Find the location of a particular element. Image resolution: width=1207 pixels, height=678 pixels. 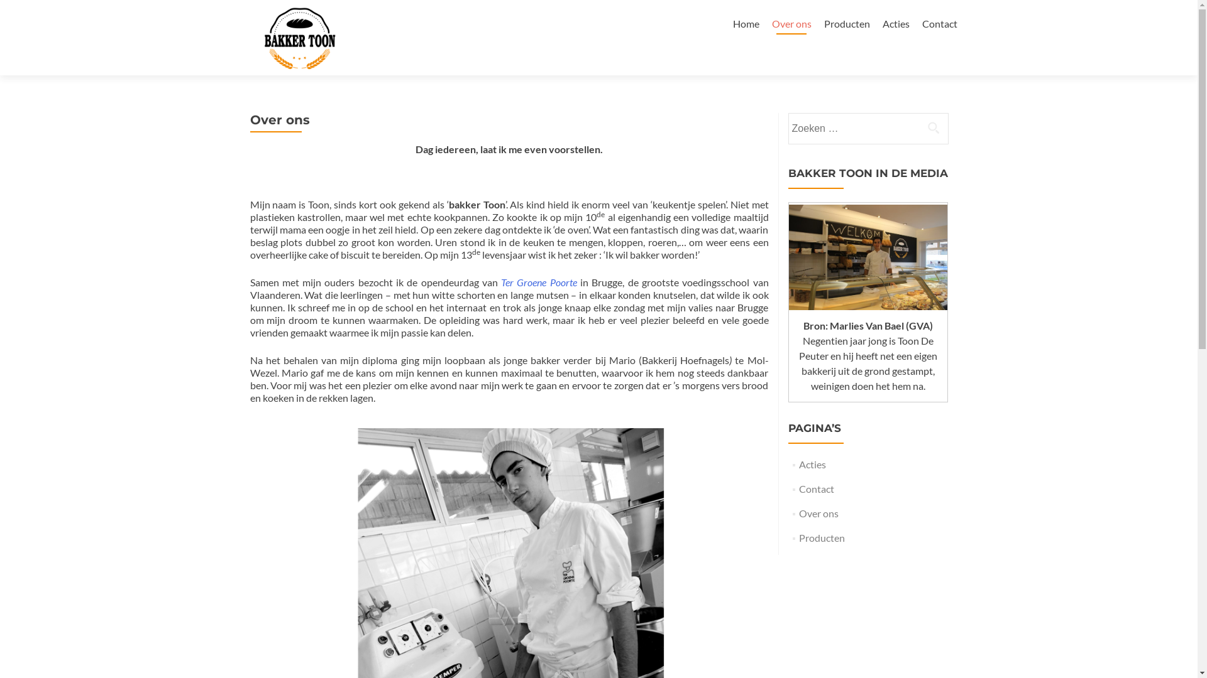

'Producten' is located at coordinates (822, 537).